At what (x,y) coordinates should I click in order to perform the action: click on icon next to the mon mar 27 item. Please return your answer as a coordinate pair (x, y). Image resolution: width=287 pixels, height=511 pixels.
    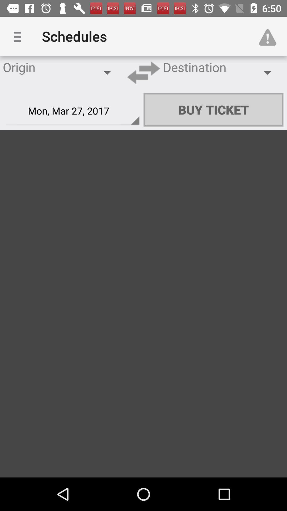
    Looking at the image, I should click on (213, 109).